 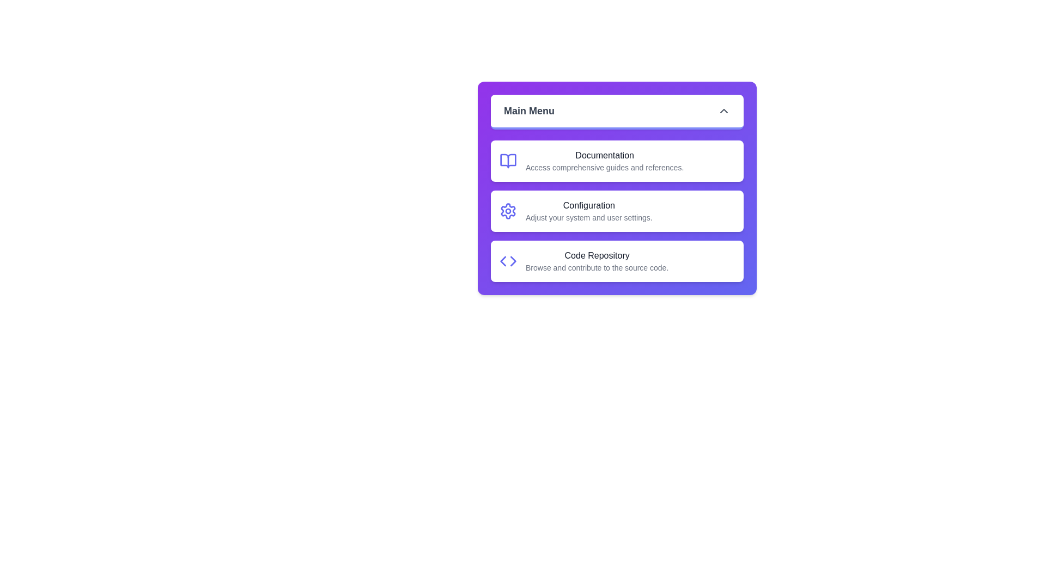 I want to click on the menu item Code Repository from the list, so click(x=617, y=261).